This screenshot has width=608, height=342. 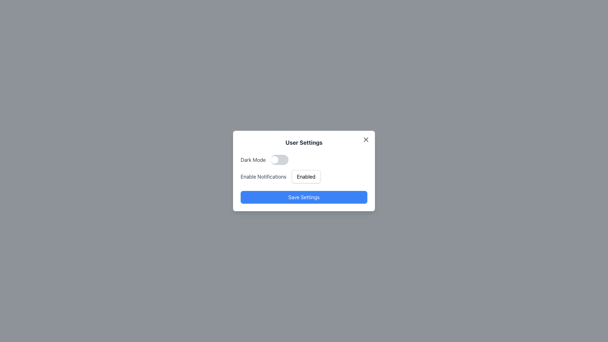 I want to click on the toggle switch at the top of the settings options to change its state for enabling or disabling the dark mode feature, so click(x=304, y=160).